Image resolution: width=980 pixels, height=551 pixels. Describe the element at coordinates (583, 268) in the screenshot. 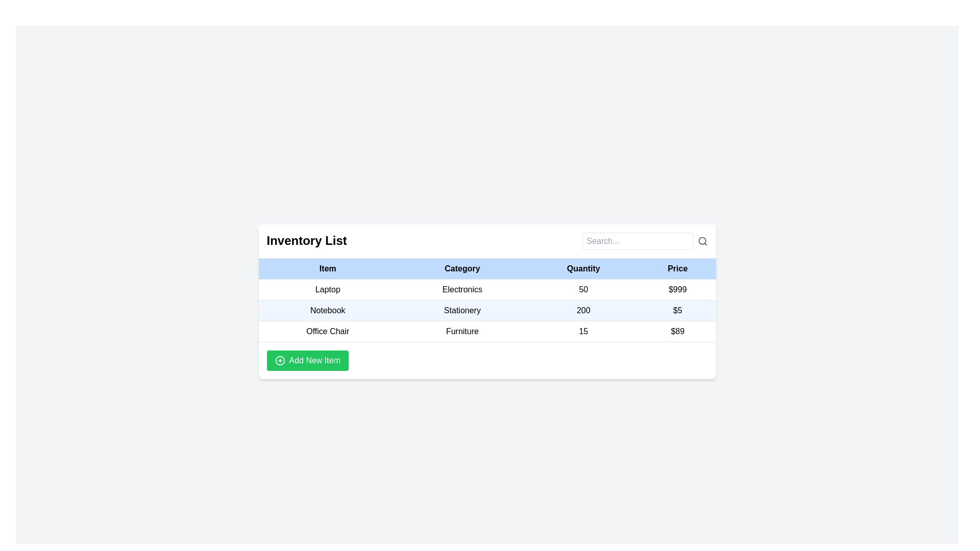

I see `the 'Quantity' header label in the table, which is the third header between 'Category' and 'Price.'` at that location.